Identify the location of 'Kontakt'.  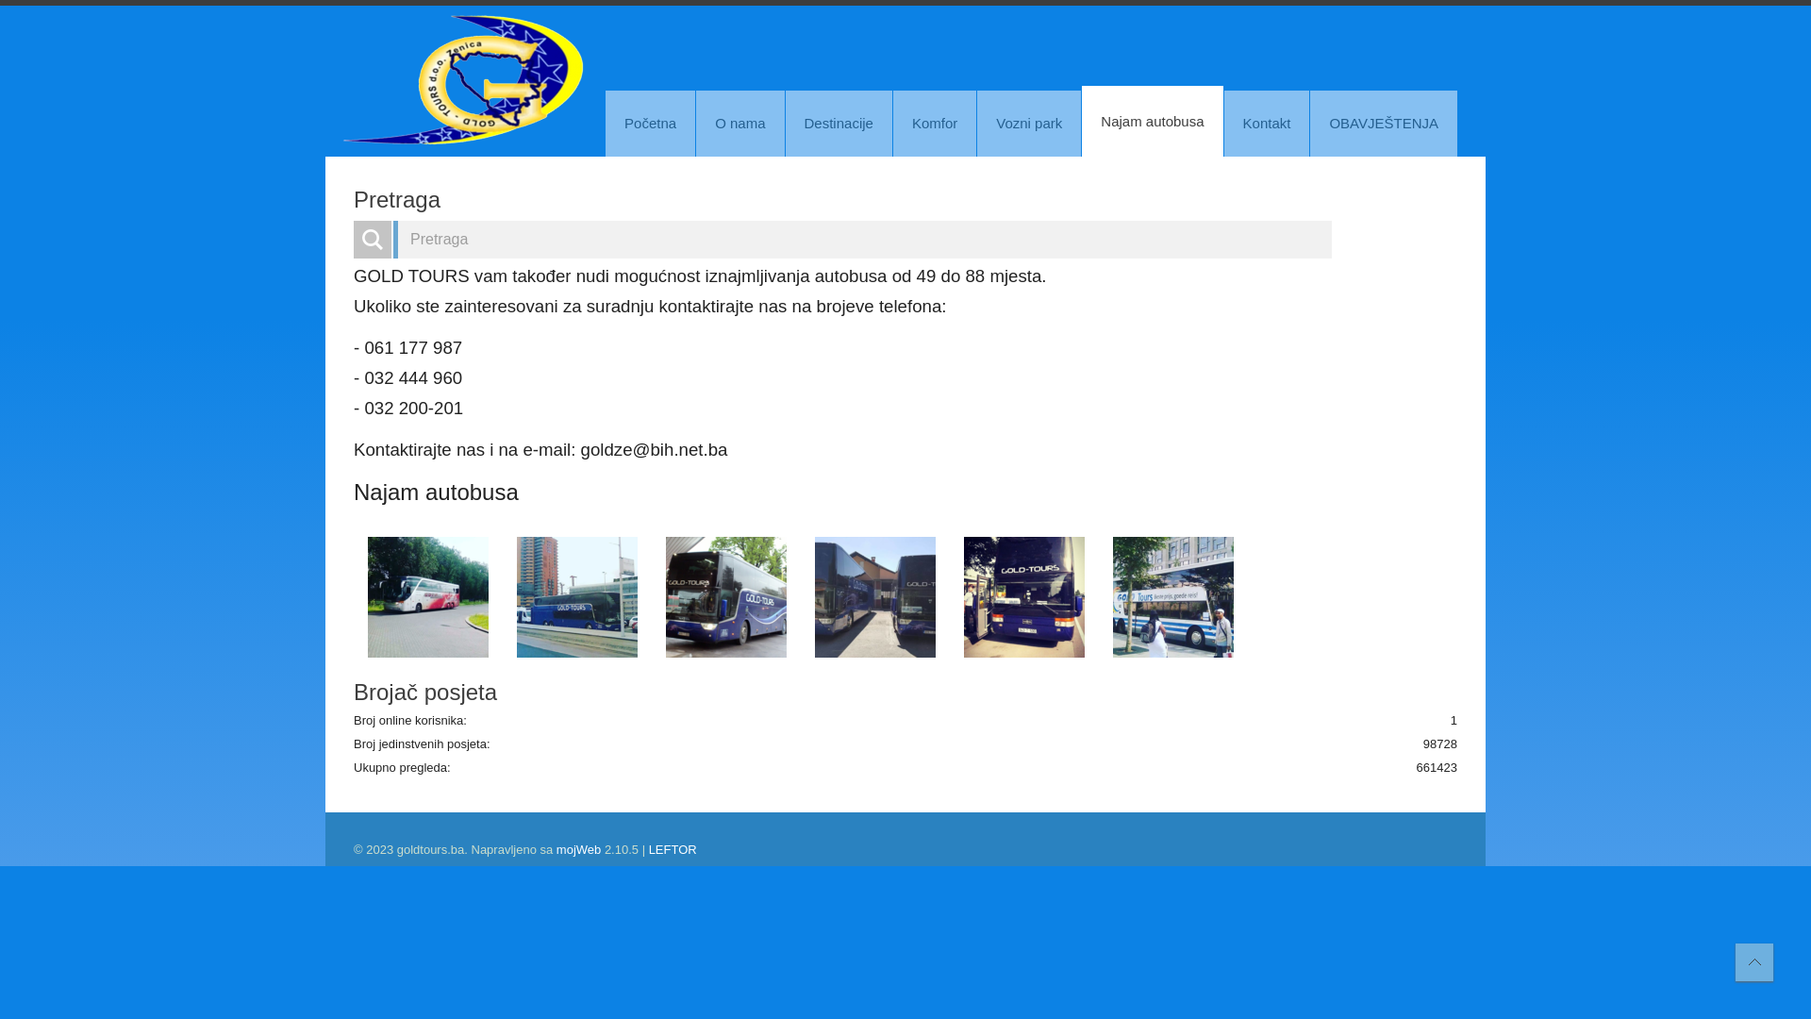
(1267, 124).